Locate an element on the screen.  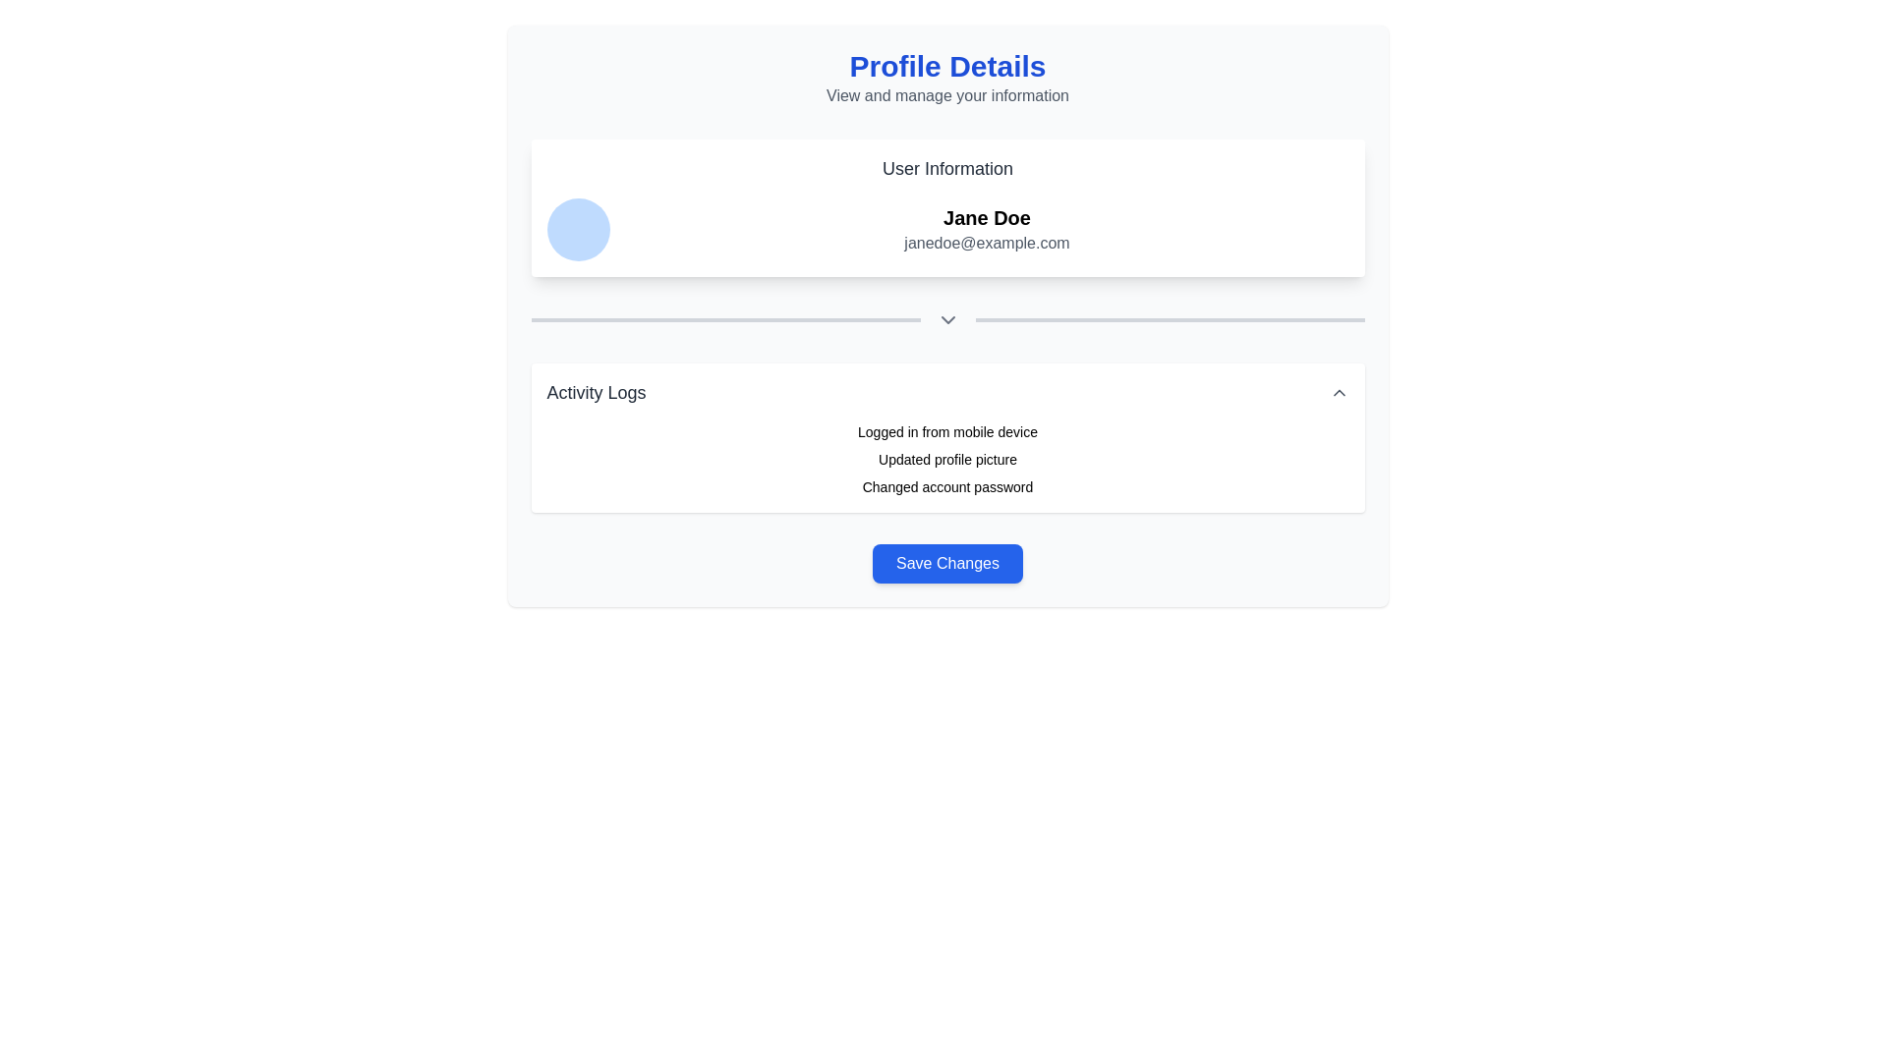
the User Information component to view the profile details, which includes the user's name and email address displayed beside a profile icon is located at coordinates (947, 229).